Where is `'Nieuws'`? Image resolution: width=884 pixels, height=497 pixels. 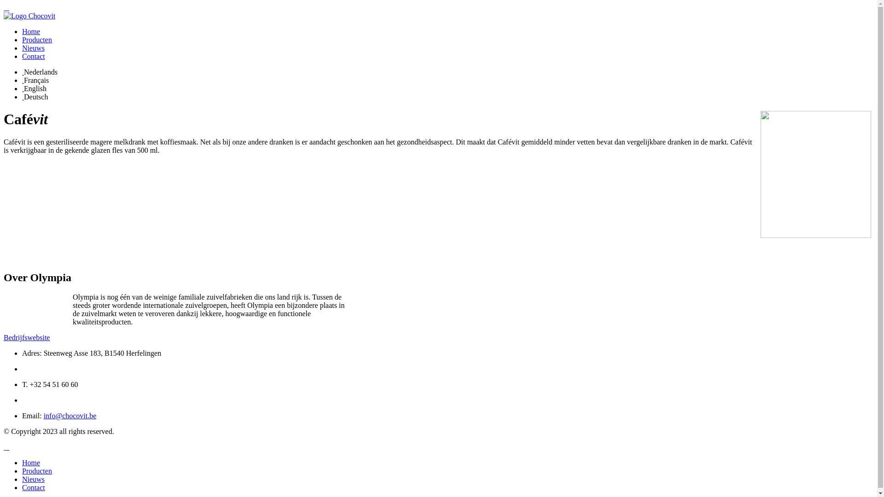
'Nieuws' is located at coordinates (33, 479).